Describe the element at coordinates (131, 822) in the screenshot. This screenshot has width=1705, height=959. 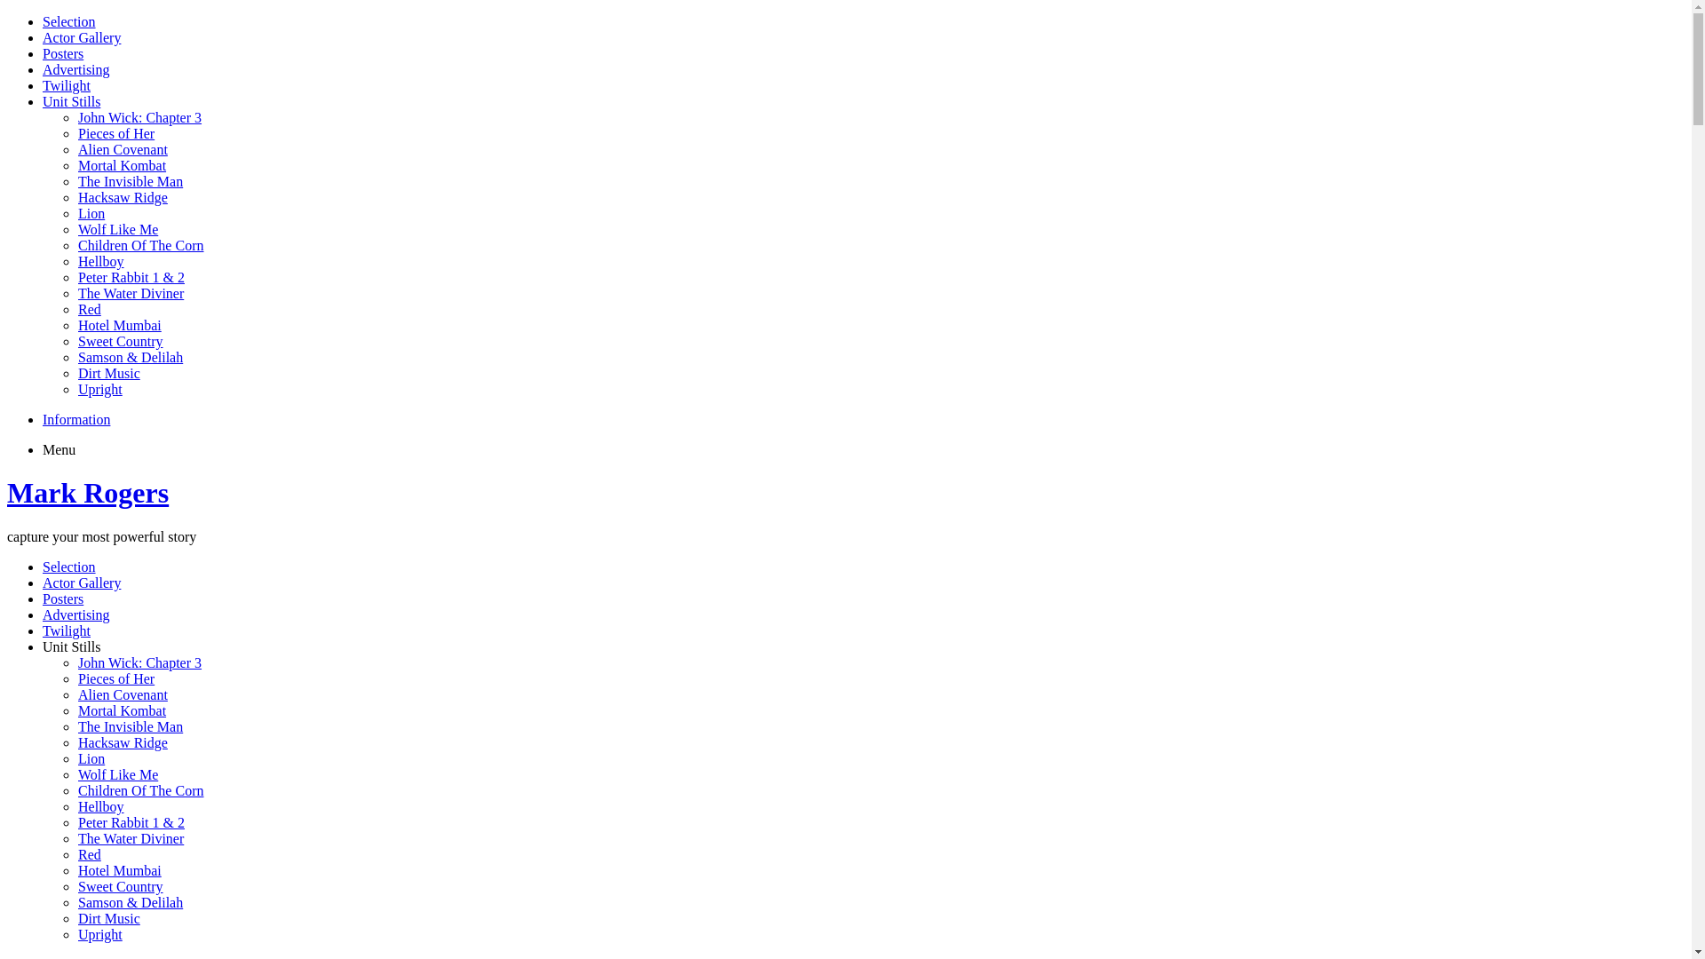
I see `'Peter Rabbit 1 & 2'` at that location.